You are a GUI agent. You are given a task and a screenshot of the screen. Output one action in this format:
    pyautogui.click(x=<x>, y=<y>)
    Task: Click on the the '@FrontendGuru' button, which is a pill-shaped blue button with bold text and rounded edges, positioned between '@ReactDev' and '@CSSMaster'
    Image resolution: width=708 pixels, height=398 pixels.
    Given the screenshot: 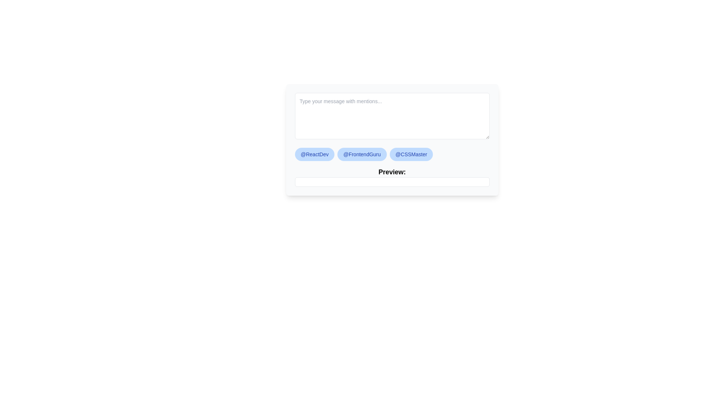 What is the action you would take?
    pyautogui.click(x=362, y=154)
    